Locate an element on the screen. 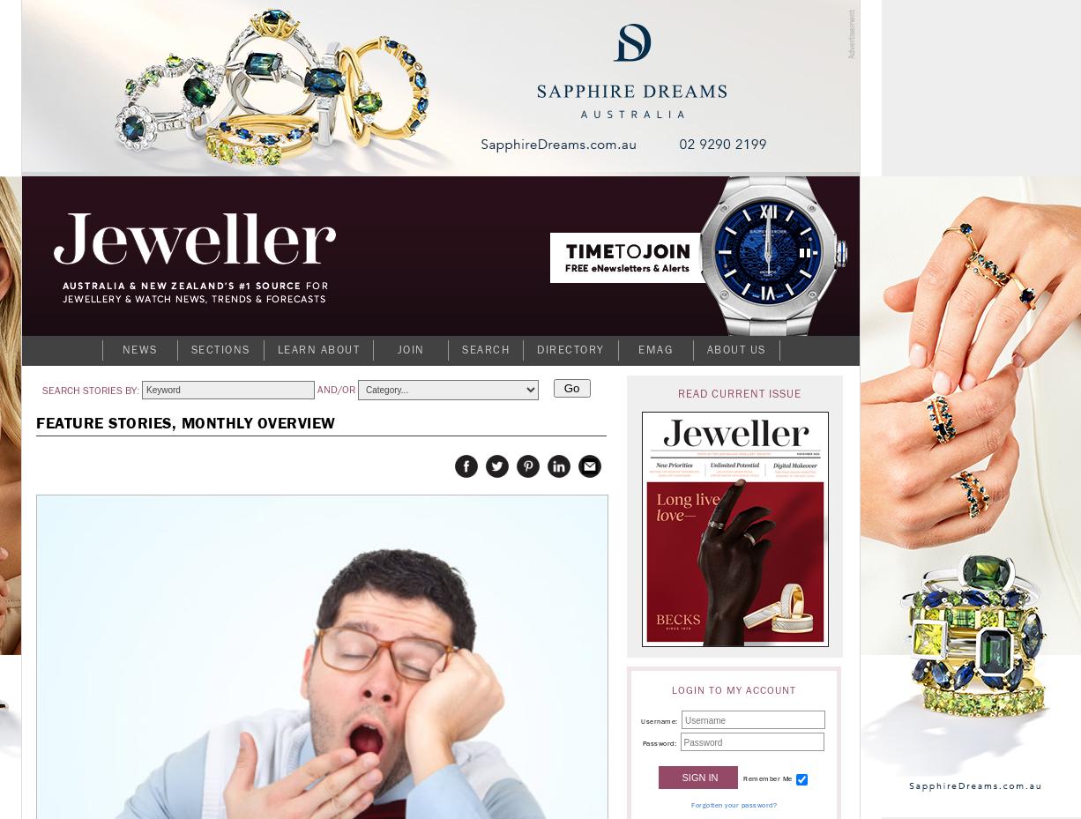 The width and height of the screenshot is (1081, 819). 'Share' is located at coordinates (590, 473).